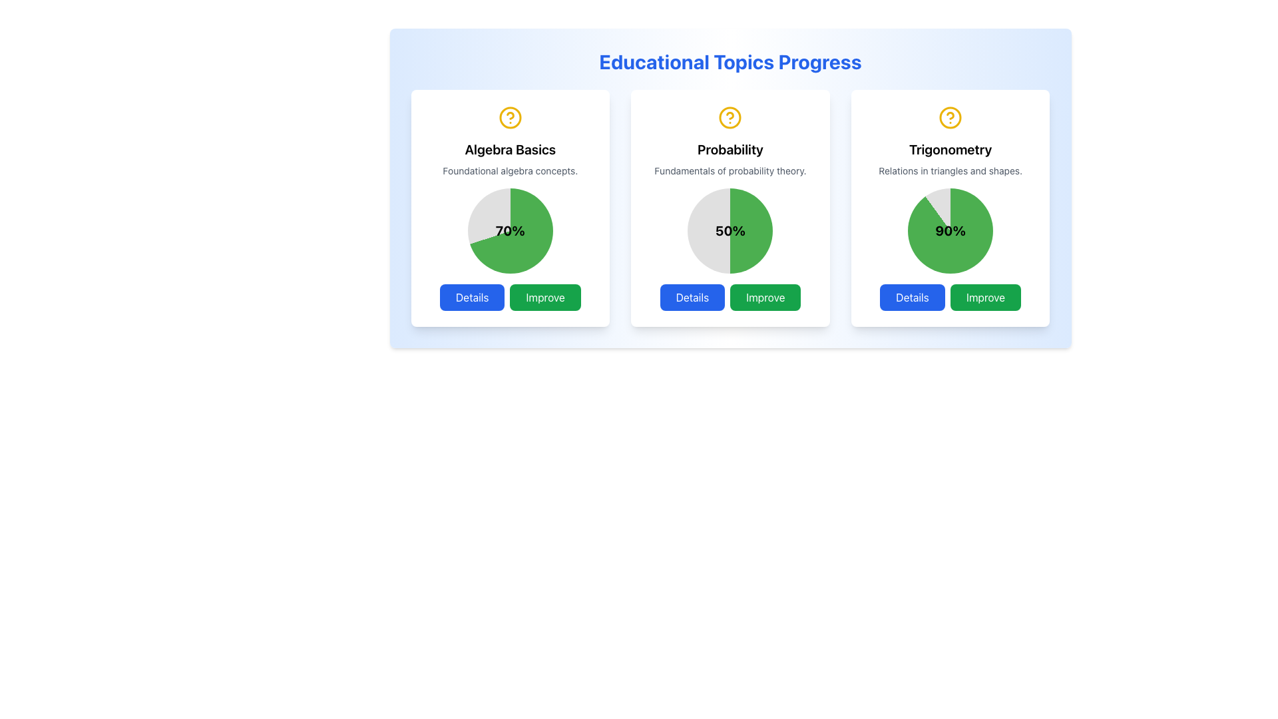 This screenshot has height=719, width=1278. Describe the element at coordinates (730, 149) in the screenshot. I see `the 'Probability' text label, which is a bold, black font label located at the top of a card component, below a yellow help icon` at that location.